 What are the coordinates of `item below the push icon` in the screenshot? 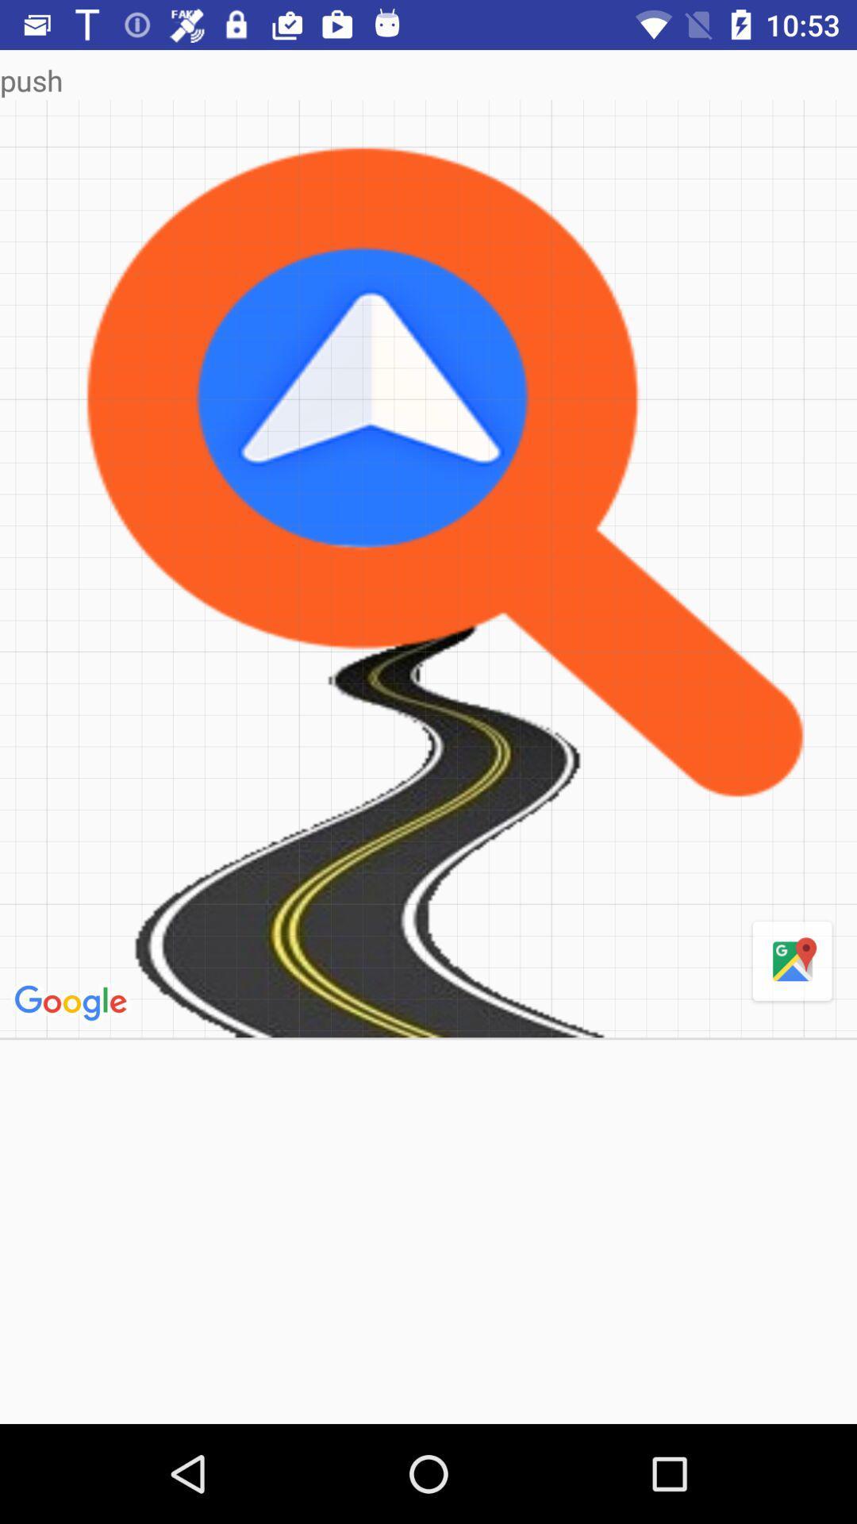 It's located at (428, 568).